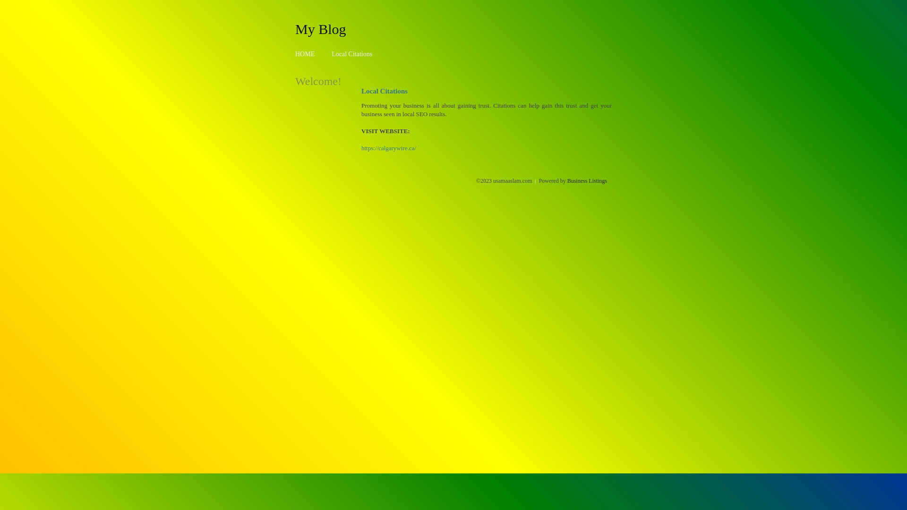  I want to click on 'HOME', so click(294, 54).